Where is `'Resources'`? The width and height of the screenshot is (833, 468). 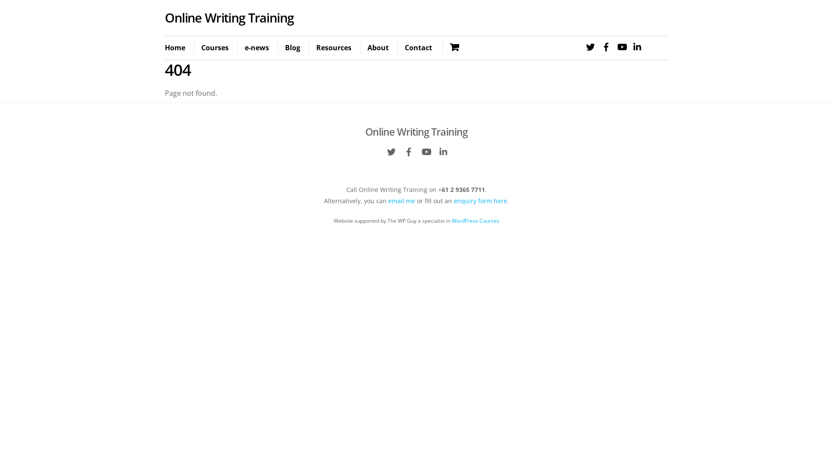
'Resources' is located at coordinates (333, 48).